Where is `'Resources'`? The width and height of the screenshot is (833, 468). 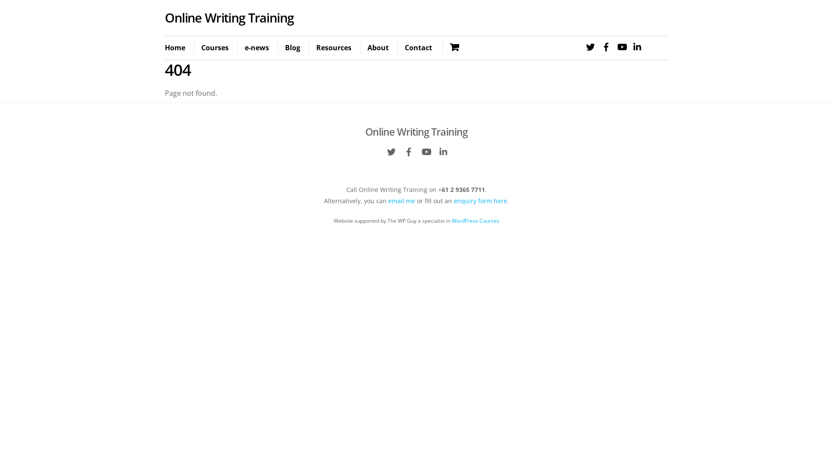
'Resources' is located at coordinates (333, 48).